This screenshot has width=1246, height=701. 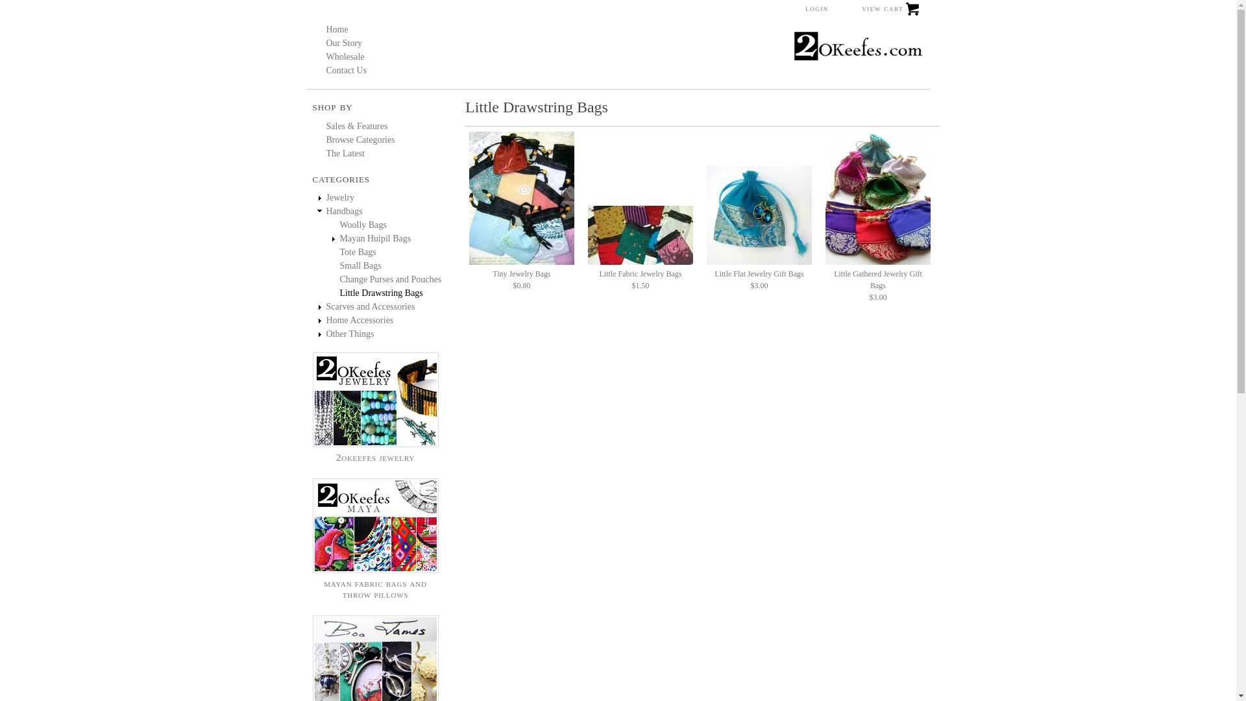 What do you see at coordinates (326, 70) in the screenshot?
I see `'Contact Us'` at bounding box center [326, 70].